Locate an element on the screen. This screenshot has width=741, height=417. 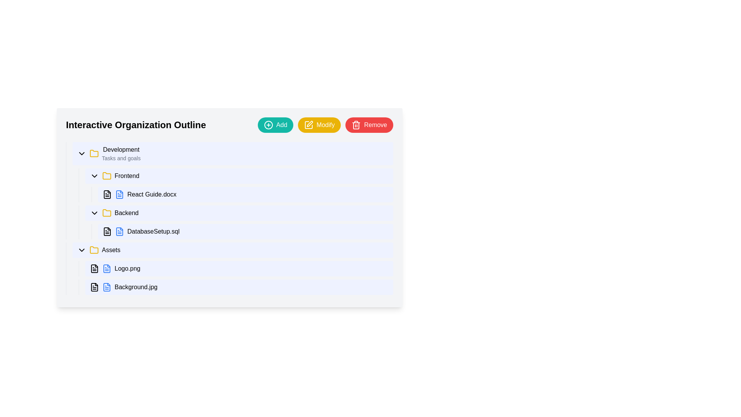
the file named 'DatabaseSetup.sql' from the 'Backend' section is located at coordinates (239, 231).